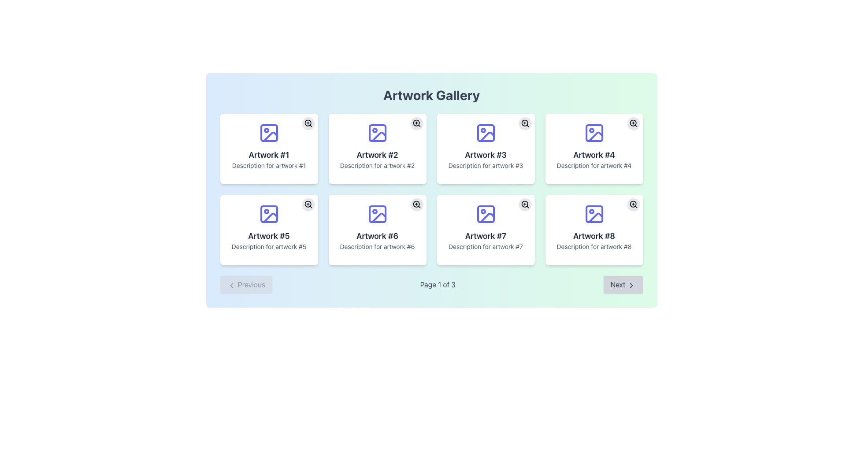 Image resolution: width=846 pixels, height=476 pixels. Describe the element at coordinates (308, 123) in the screenshot. I see `the SVG circle shape that is part of the zoom-in icon located in the top-right corner controls of 'Artwork #1'` at that location.